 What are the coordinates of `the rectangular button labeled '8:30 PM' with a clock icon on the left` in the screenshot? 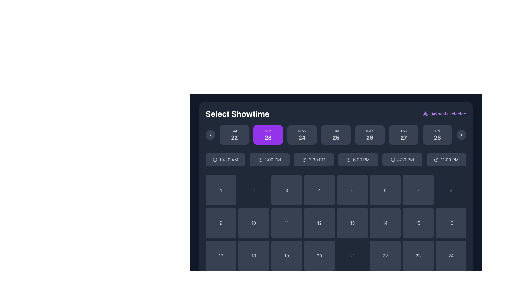 It's located at (402, 159).